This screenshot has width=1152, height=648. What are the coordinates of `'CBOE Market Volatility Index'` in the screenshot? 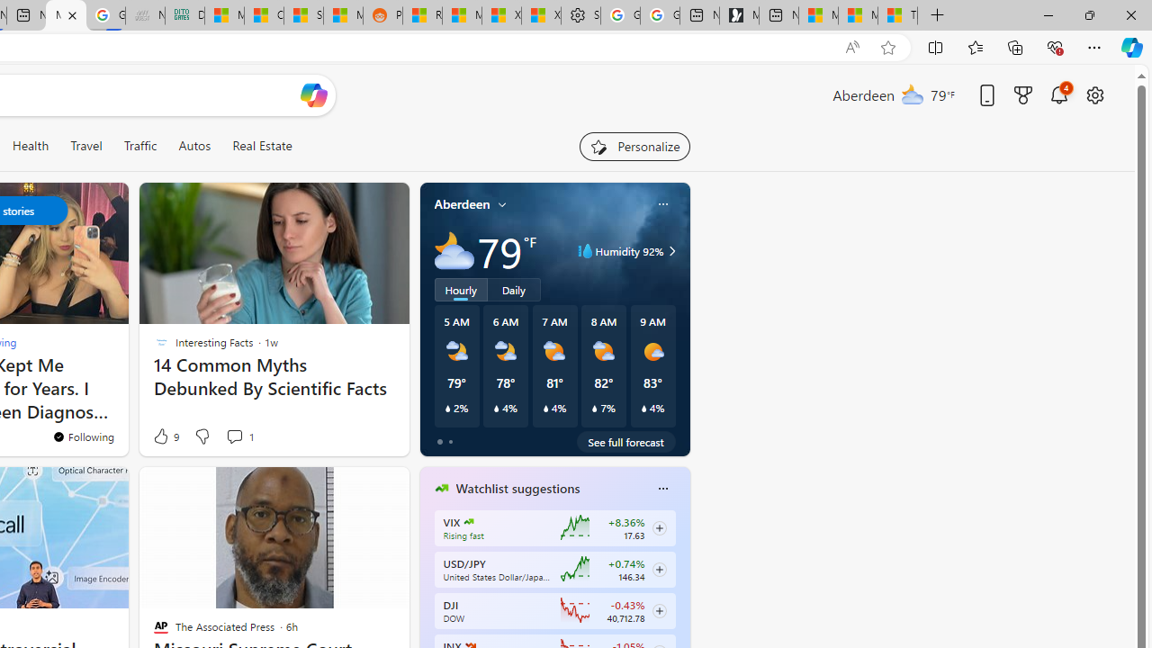 It's located at (468, 521).